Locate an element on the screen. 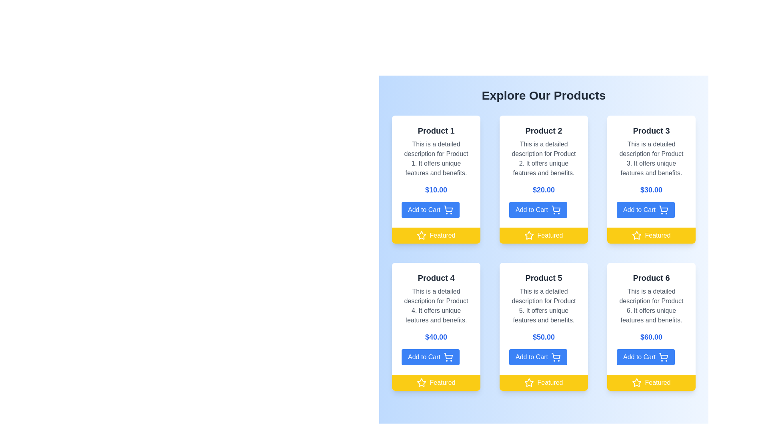 Image resolution: width=768 pixels, height=432 pixels. text from the title label displaying 'Product 3', which is located at the top of the product card, above the description and price is located at coordinates (651, 130).